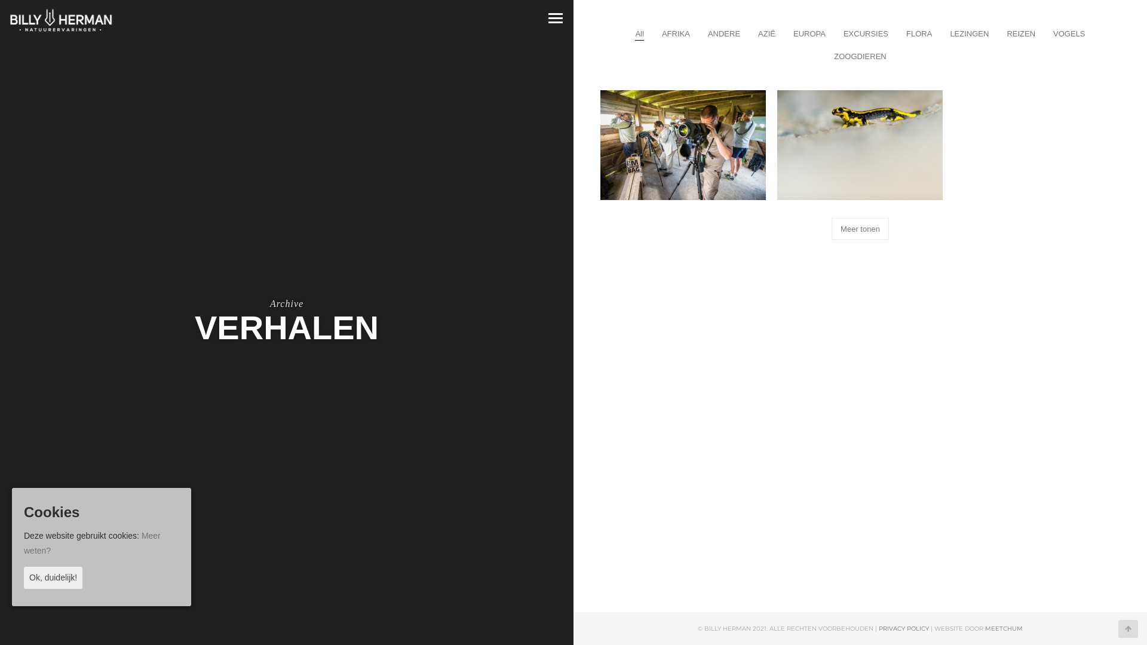  Describe the element at coordinates (91, 543) in the screenshot. I see `'Meer weten?'` at that location.